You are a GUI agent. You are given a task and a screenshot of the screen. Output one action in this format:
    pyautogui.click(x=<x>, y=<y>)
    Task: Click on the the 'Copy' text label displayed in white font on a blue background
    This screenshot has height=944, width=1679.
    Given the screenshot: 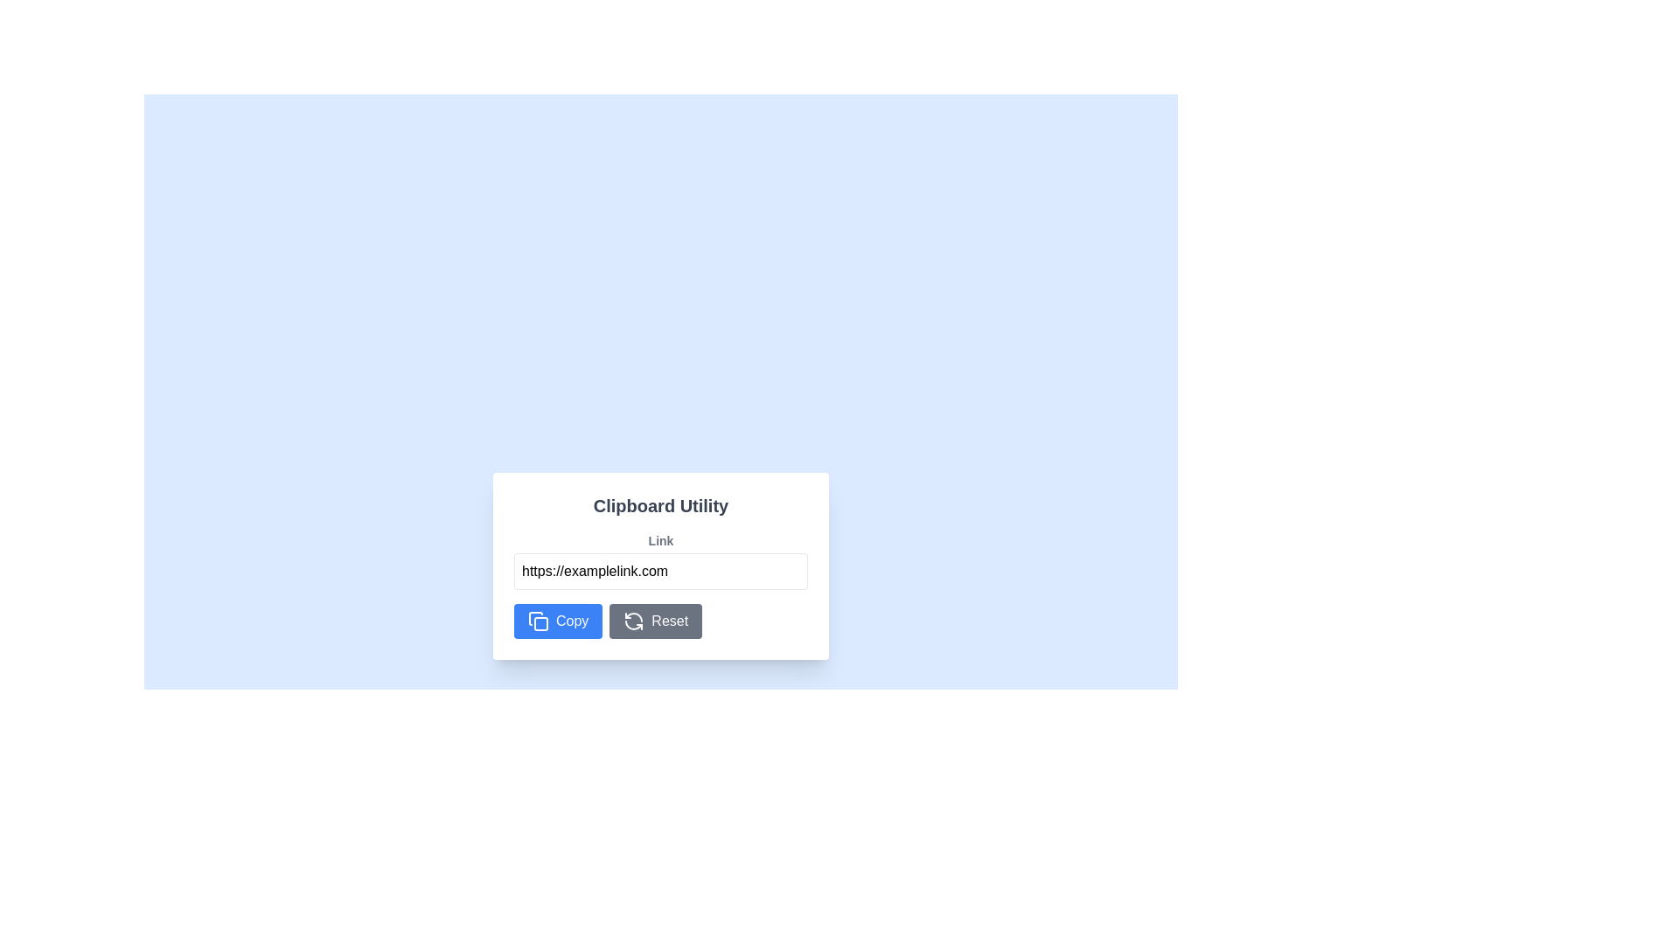 What is the action you would take?
    pyautogui.click(x=572, y=620)
    